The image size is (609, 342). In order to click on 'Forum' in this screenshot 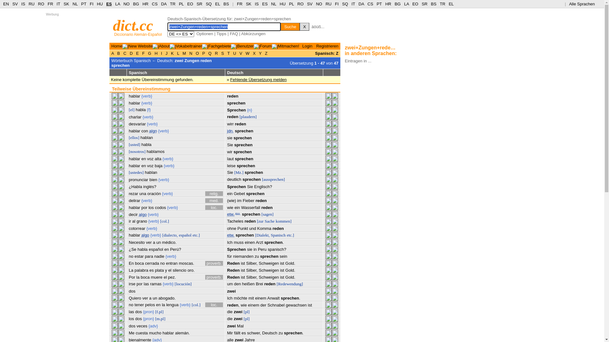, I will do `click(260, 46)`.